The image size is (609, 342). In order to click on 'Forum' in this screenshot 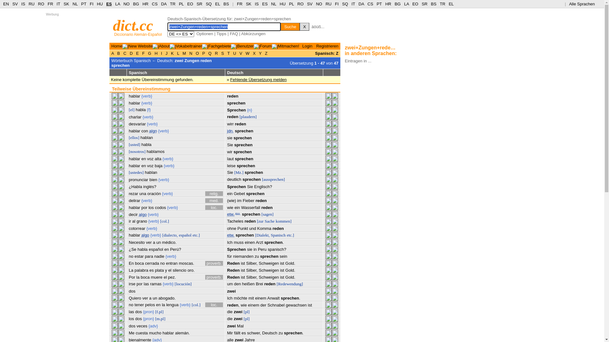, I will do `click(260, 46)`.